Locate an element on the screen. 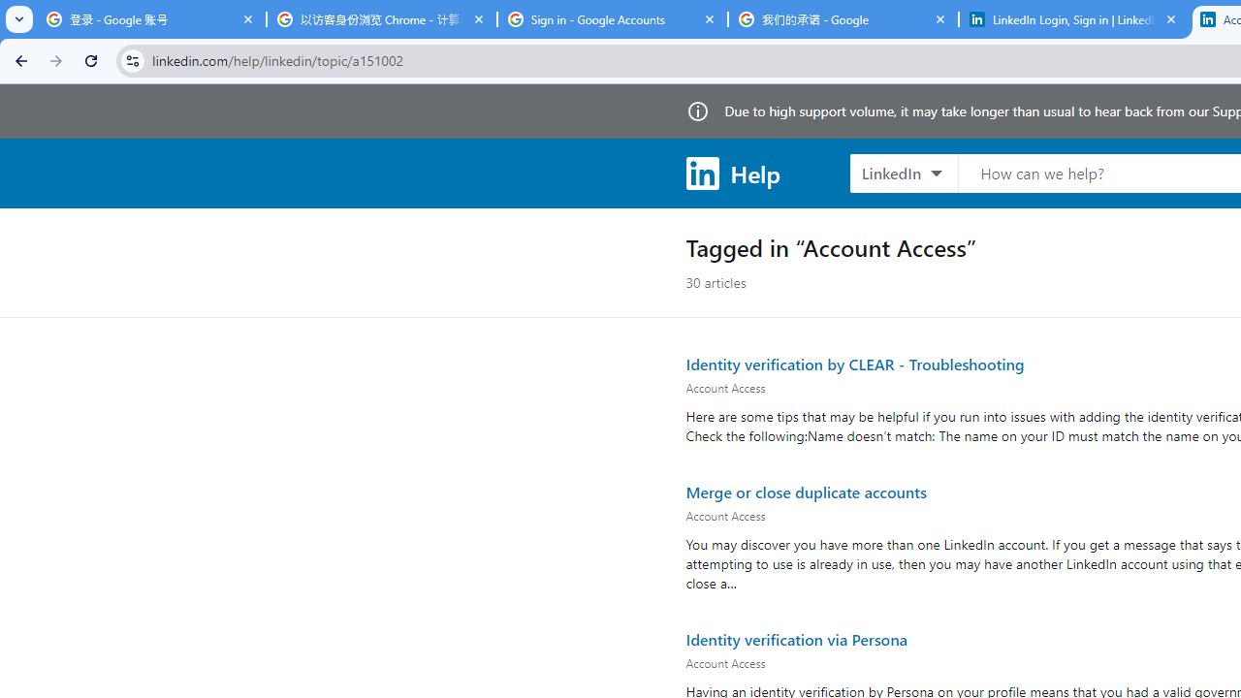 This screenshot has width=1241, height=698. 'Sign in - Google Accounts' is located at coordinates (612, 19).